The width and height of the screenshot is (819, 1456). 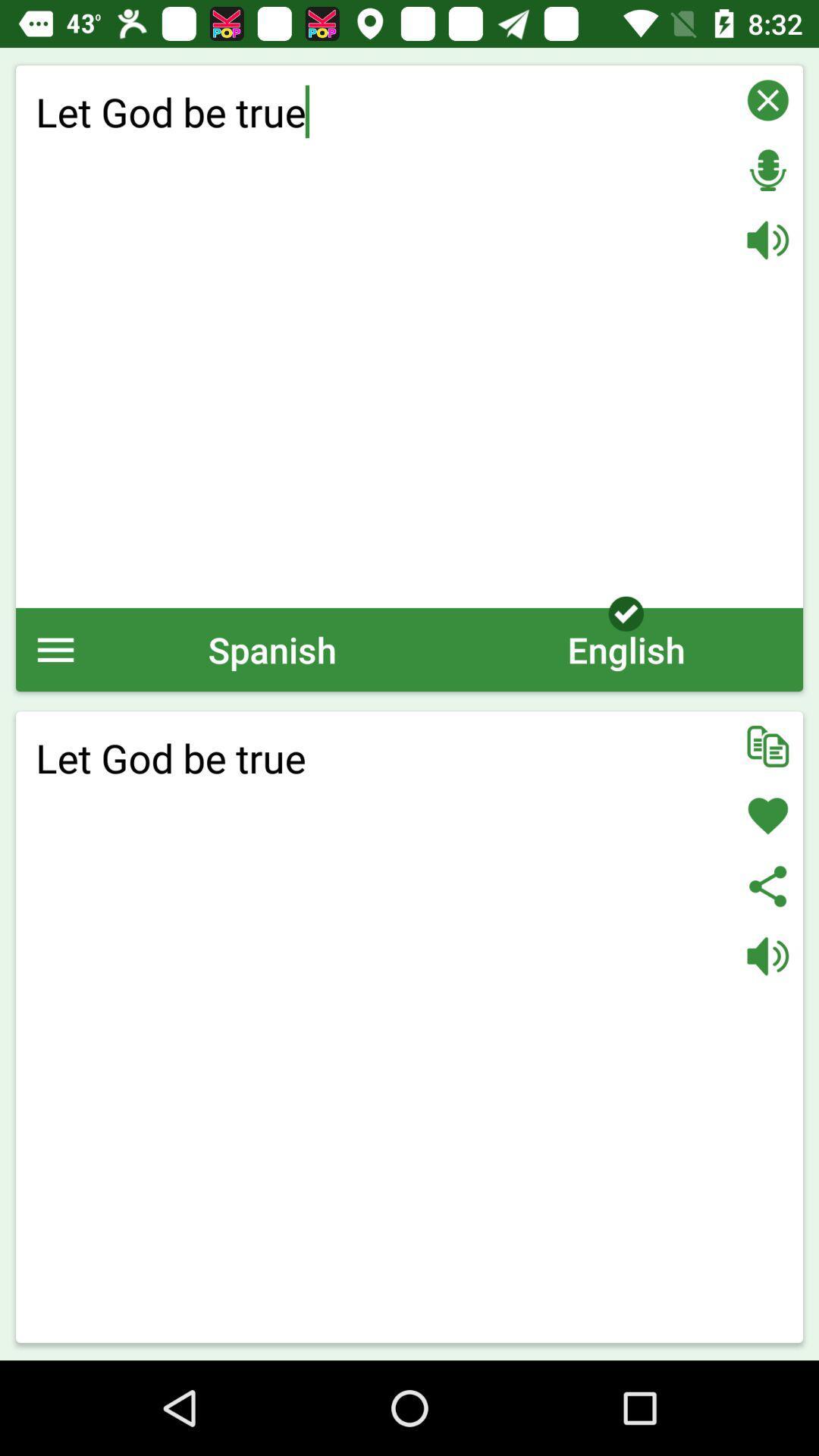 What do you see at coordinates (271, 649) in the screenshot?
I see `icon to the left of english item` at bounding box center [271, 649].